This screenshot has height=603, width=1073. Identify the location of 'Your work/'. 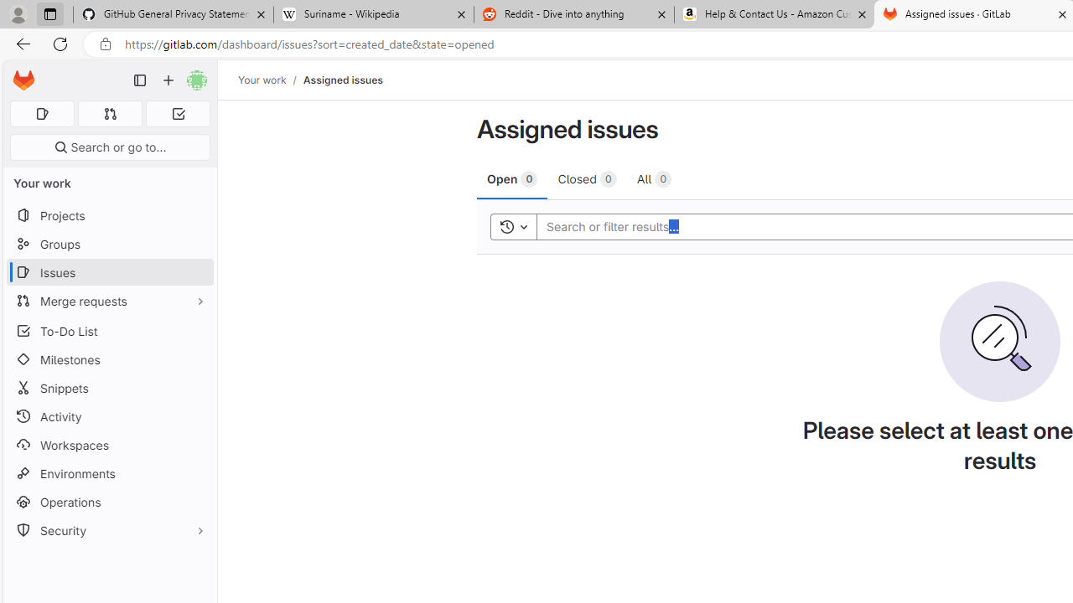
(271, 80).